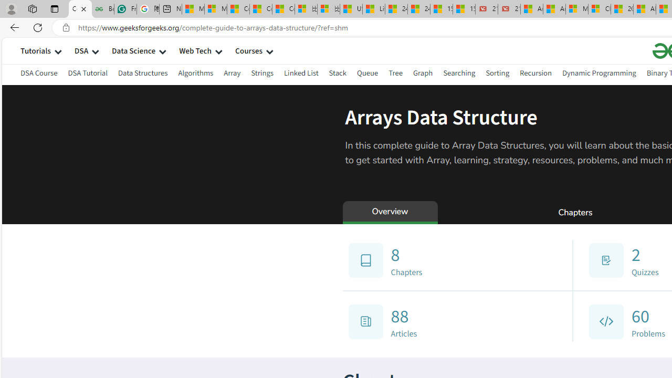  I want to click on 'Linked List', so click(300, 74).